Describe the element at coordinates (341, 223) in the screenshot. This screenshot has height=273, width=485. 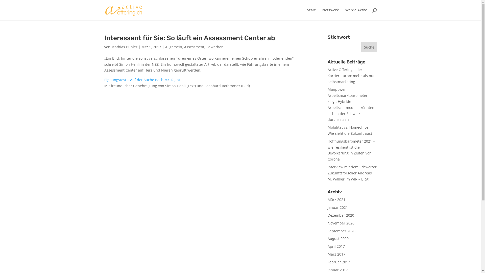
I see `'November 2020'` at that location.